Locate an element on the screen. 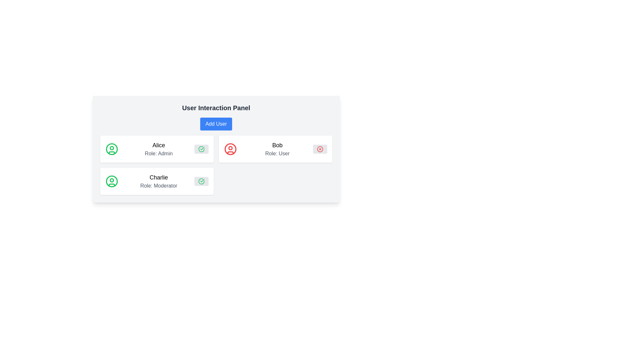  the decorative graphical element representing the head in the SVG user icon located near the top center of the larger circle, adjacent to the user block labeled 'Alice' is located at coordinates (112, 180).